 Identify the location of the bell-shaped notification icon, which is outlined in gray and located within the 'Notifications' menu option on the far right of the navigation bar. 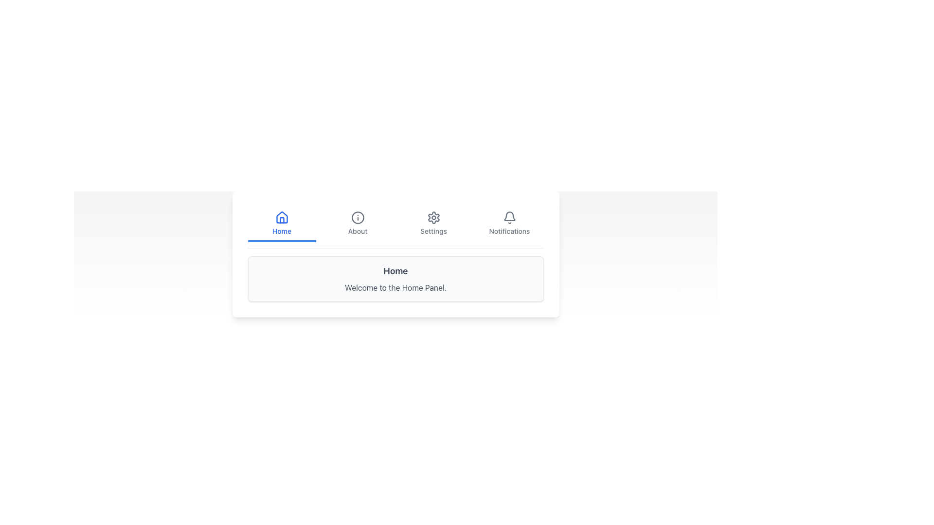
(509, 217).